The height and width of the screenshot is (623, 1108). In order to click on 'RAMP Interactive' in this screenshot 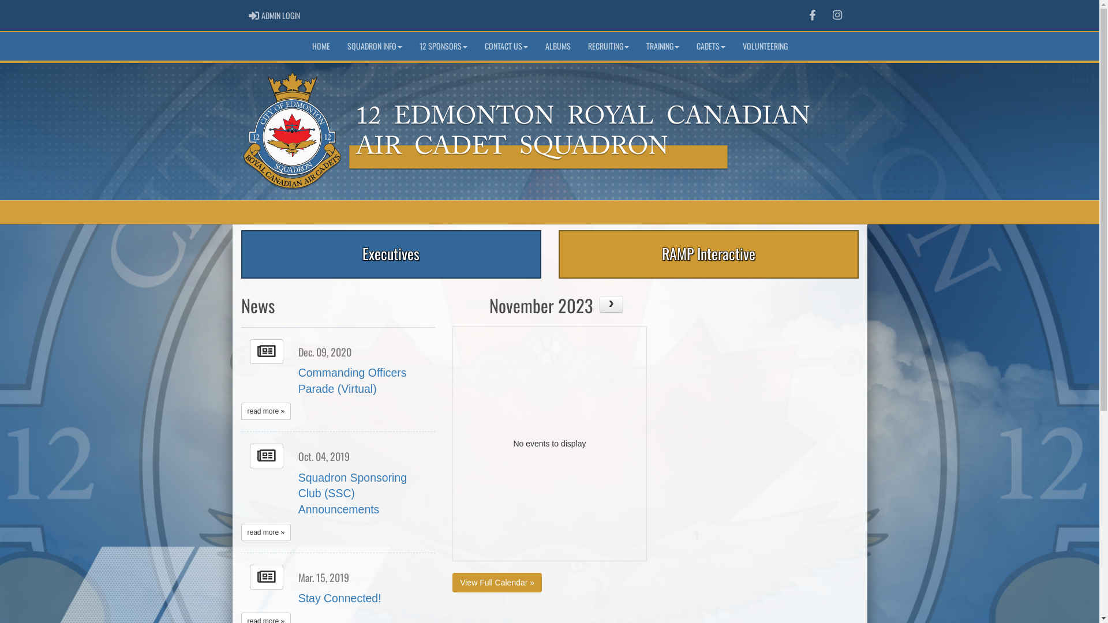, I will do `click(708, 253)`.